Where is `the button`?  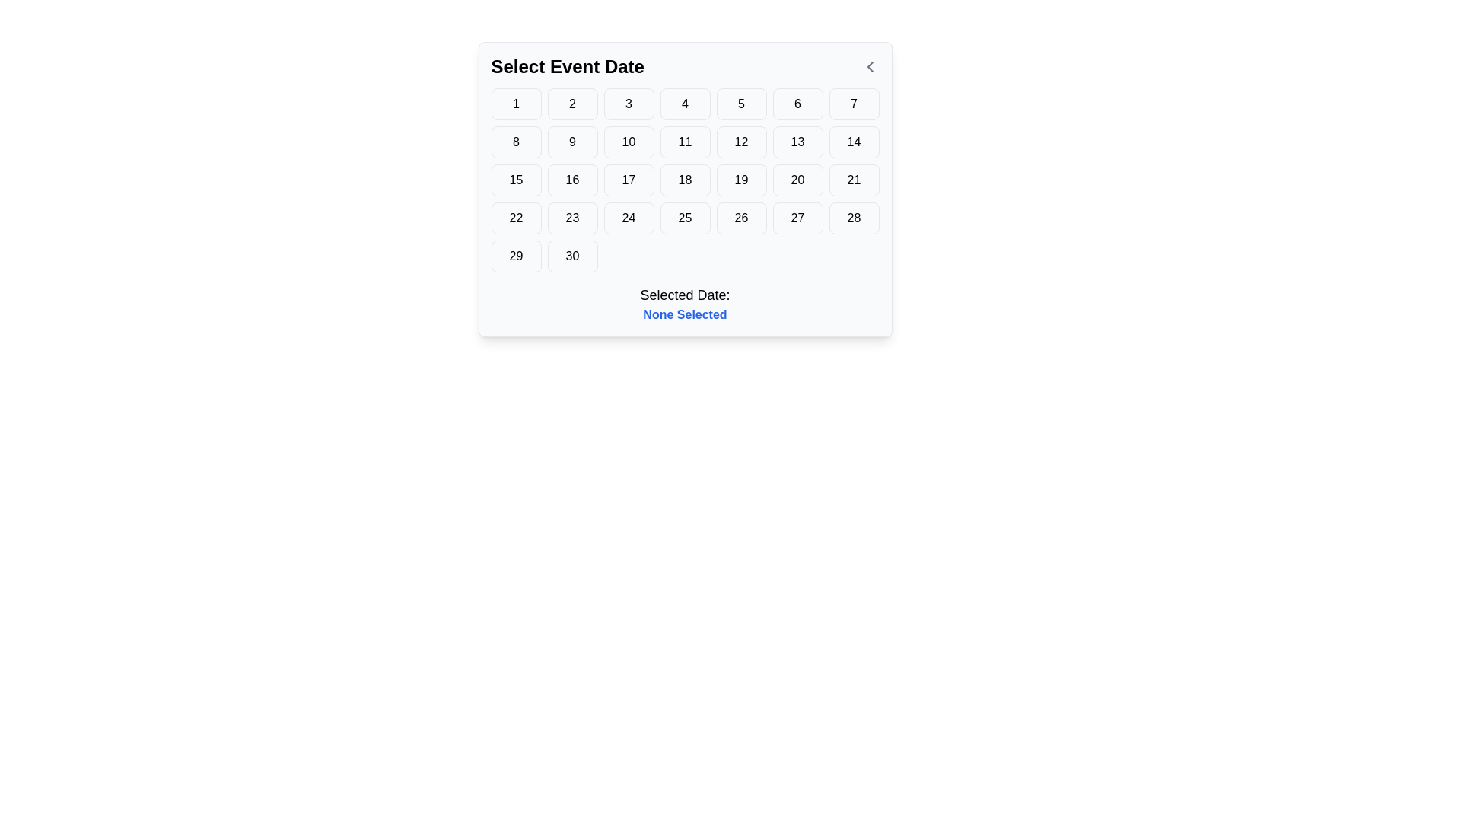 the button is located at coordinates (516, 104).